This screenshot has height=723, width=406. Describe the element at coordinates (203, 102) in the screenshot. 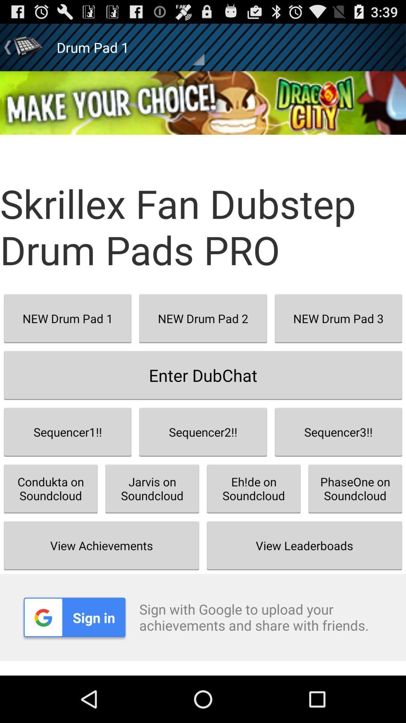

I see `the add for game` at that location.